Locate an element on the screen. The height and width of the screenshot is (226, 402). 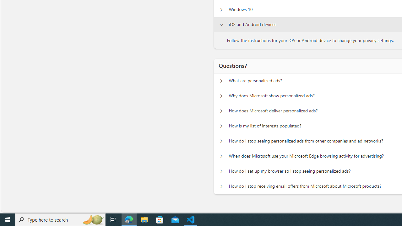
'Questions? What are personalized ads?' is located at coordinates (221, 81).